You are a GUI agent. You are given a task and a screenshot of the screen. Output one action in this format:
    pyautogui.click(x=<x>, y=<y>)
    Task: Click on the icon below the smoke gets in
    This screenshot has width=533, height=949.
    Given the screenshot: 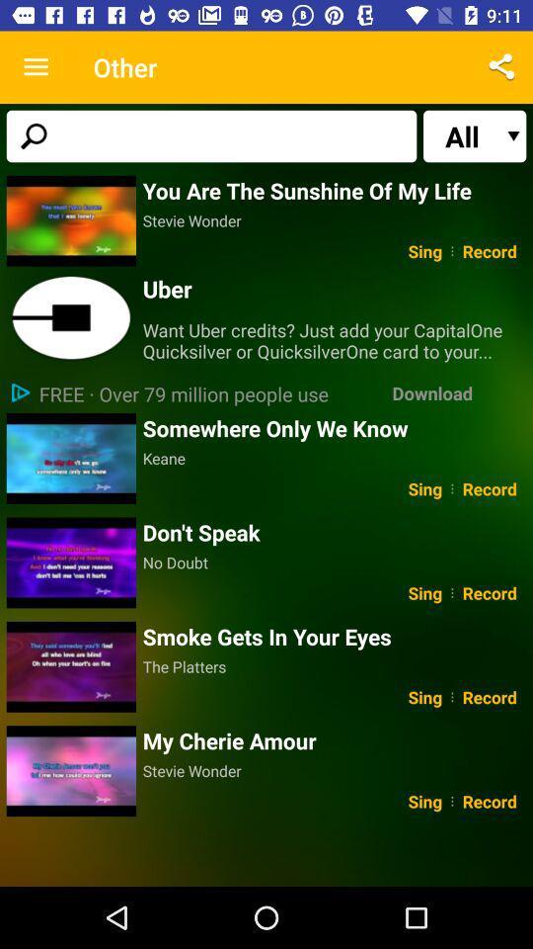 What is the action you would take?
    pyautogui.click(x=334, y=666)
    